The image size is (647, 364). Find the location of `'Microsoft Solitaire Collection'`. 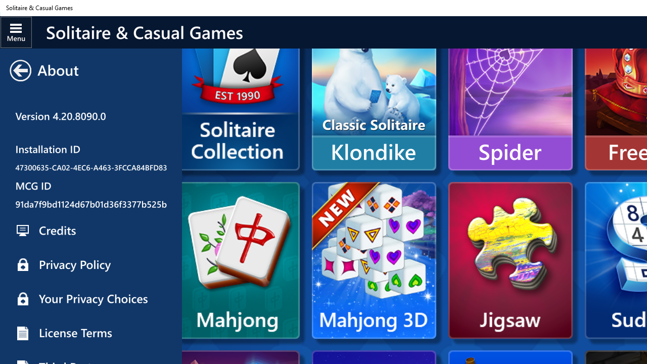

'Microsoft Solitaire Collection' is located at coordinates (237, 107).